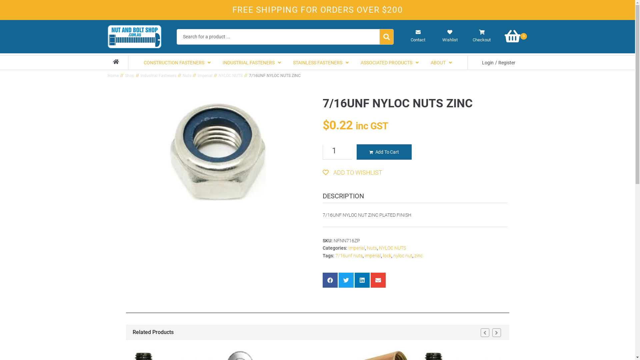 This screenshot has width=640, height=360. What do you see at coordinates (187, 75) in the screenshot?
I see `'Nuts'` at bounding box center [187, 75].